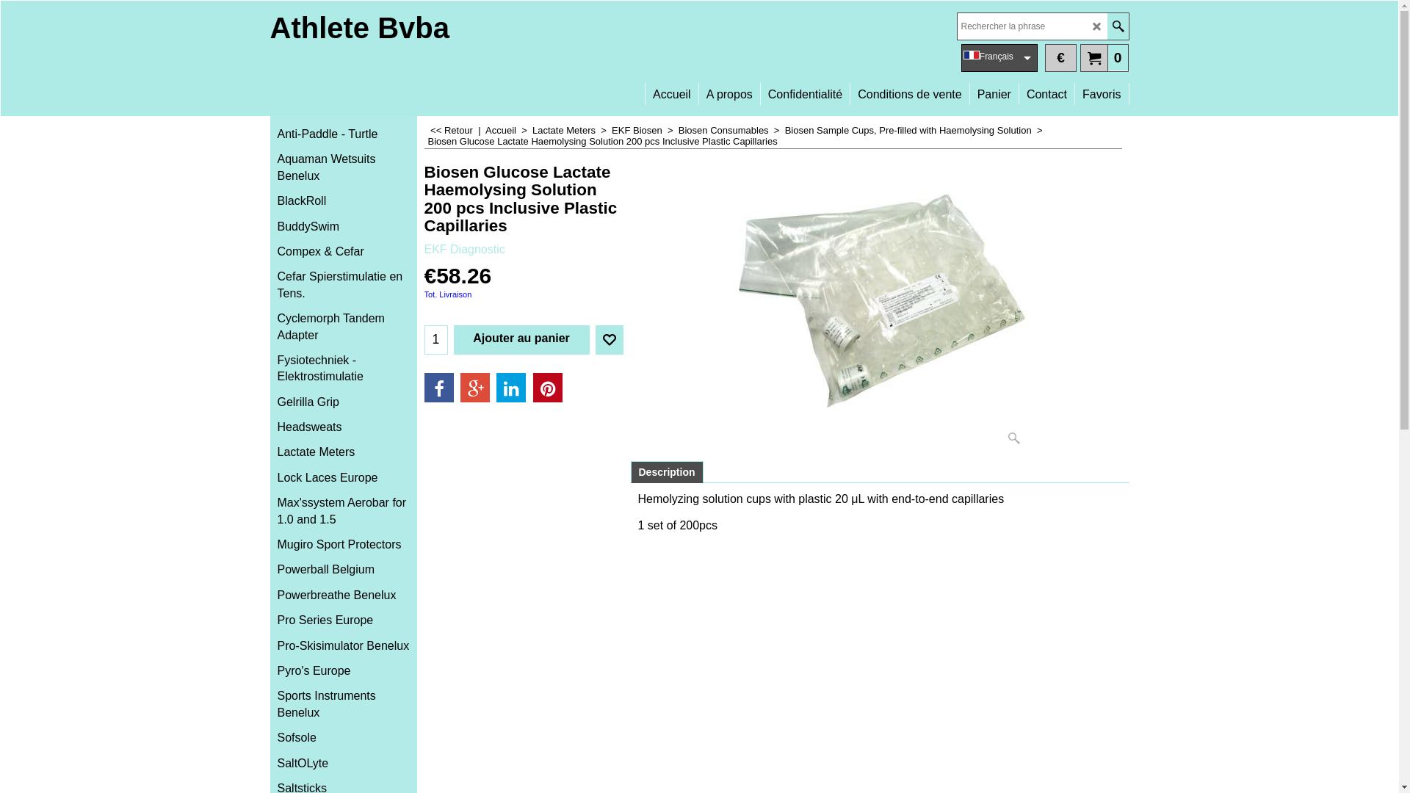 The image size is (1410, 793). I want to click on 'Ajouter au panier', so click(521, 339).